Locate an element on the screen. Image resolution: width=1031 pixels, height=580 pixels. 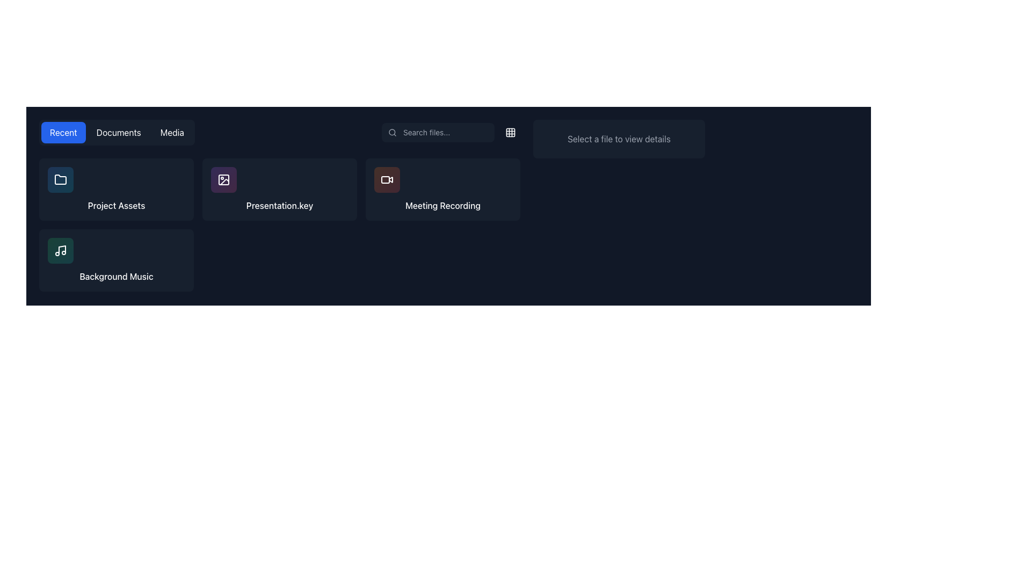
the folder icon with a gradient-filled circular background, located in the first tile from the top-left of the grid layout, above the text label 'Project Assets' is located at coordinates (60, 179).